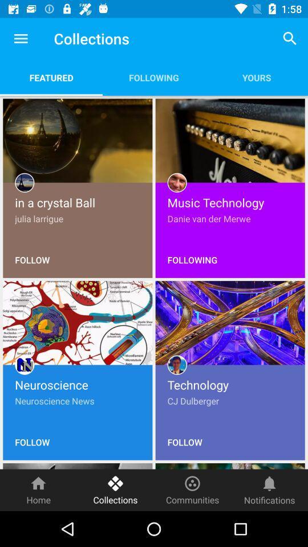 This screenshot has height=547, width=308. Describe the element at coordinates (38, 489) in the screenshot. I see `the item next to the collections item` at that location.